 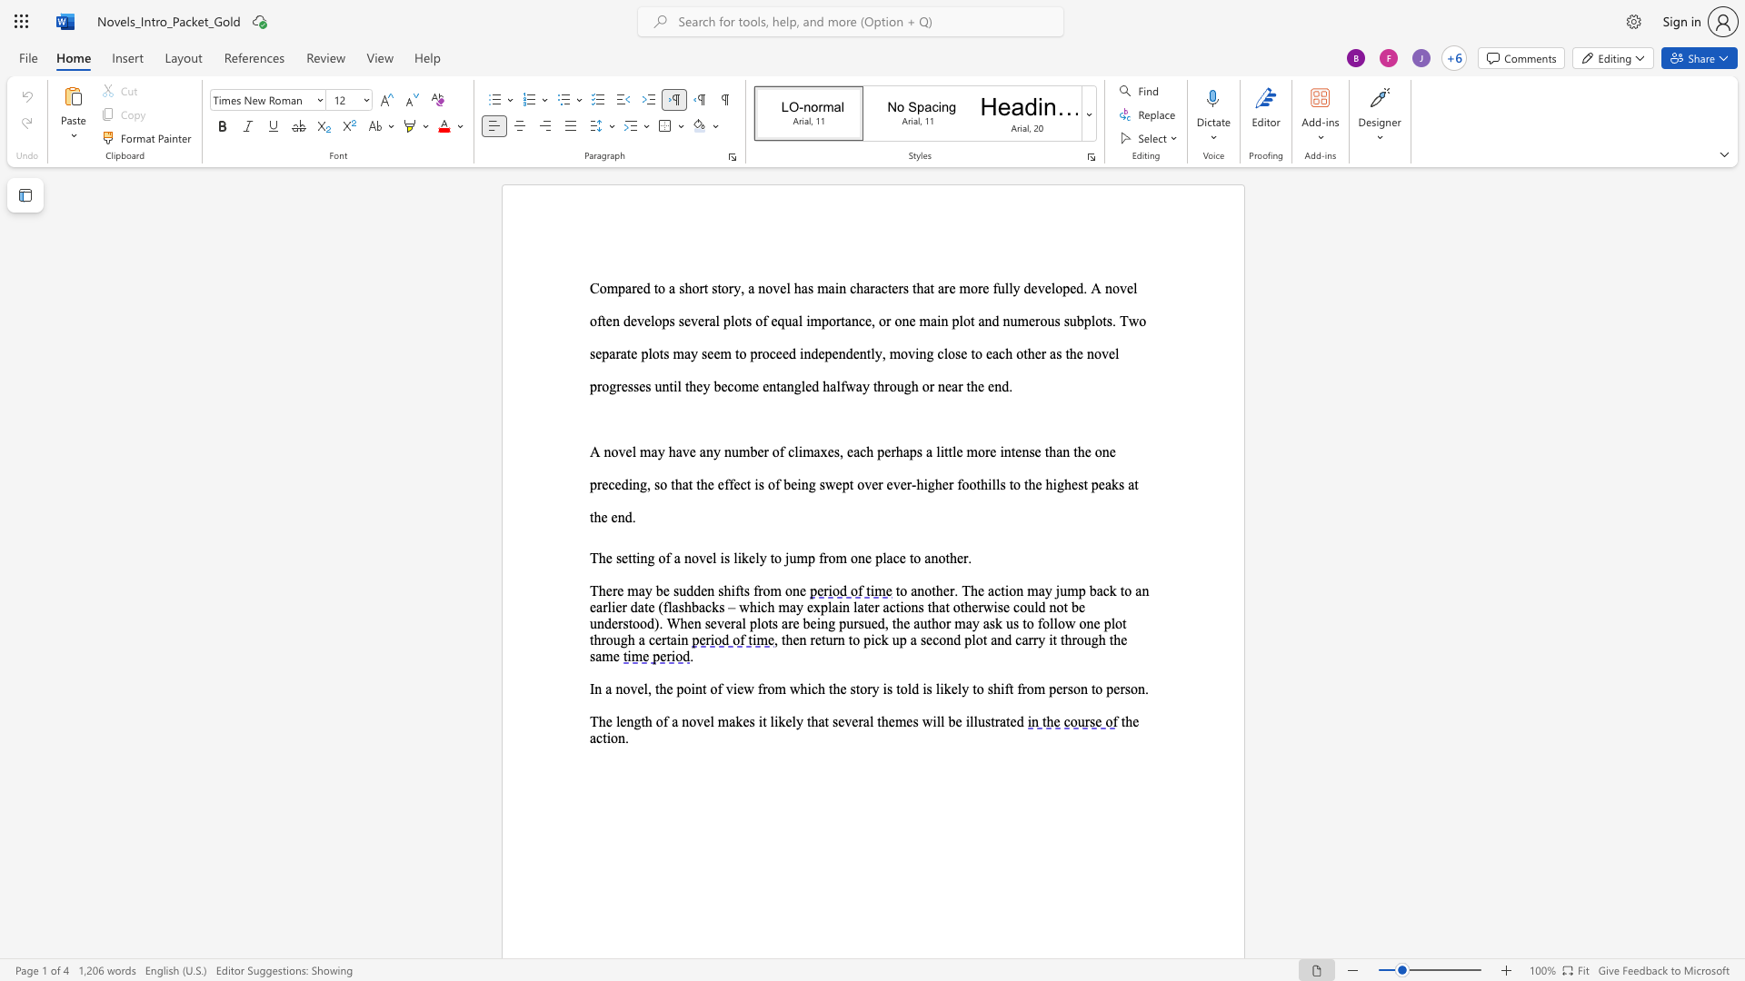 What do you see at coordinates (1142, 689) in the screenshot?
I see `the space between the continuous character "n" and "." in the text` at bounding box center [1142, 689].